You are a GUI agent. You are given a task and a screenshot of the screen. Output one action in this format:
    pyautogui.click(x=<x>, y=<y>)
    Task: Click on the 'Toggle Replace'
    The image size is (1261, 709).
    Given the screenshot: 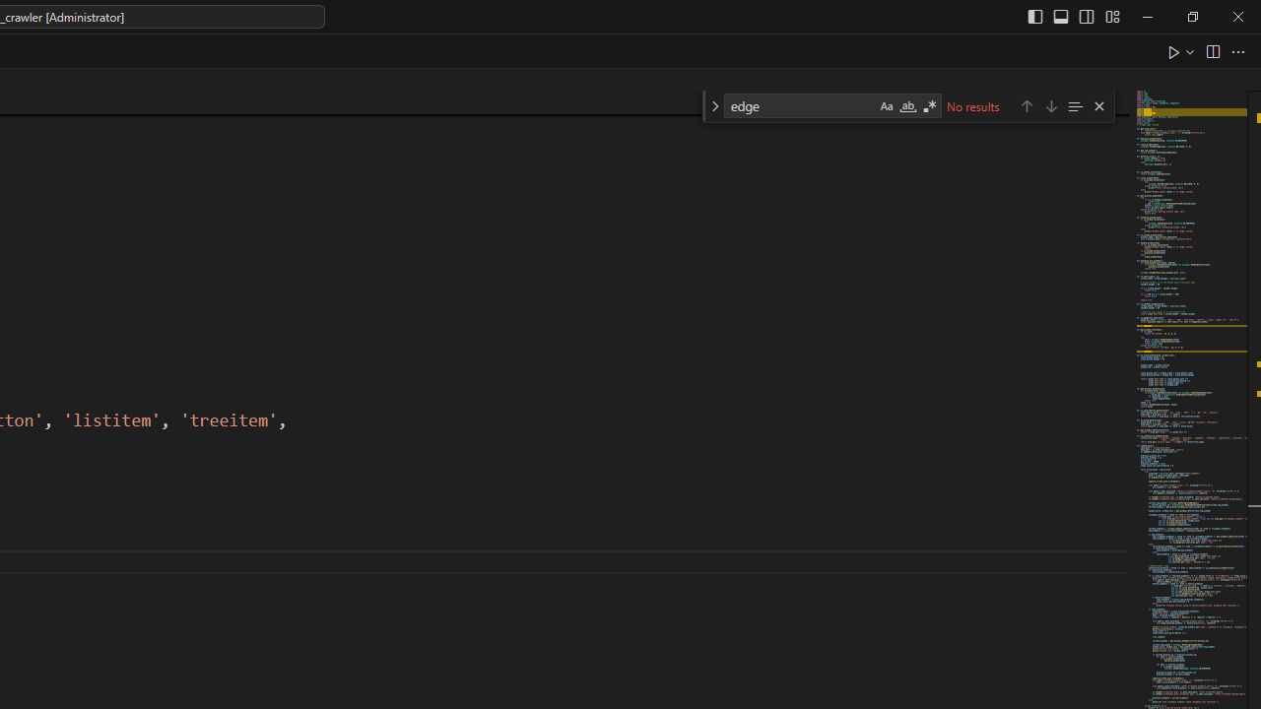 What is the action you would take?
    pyautogui.click(x=713, y=106)
    